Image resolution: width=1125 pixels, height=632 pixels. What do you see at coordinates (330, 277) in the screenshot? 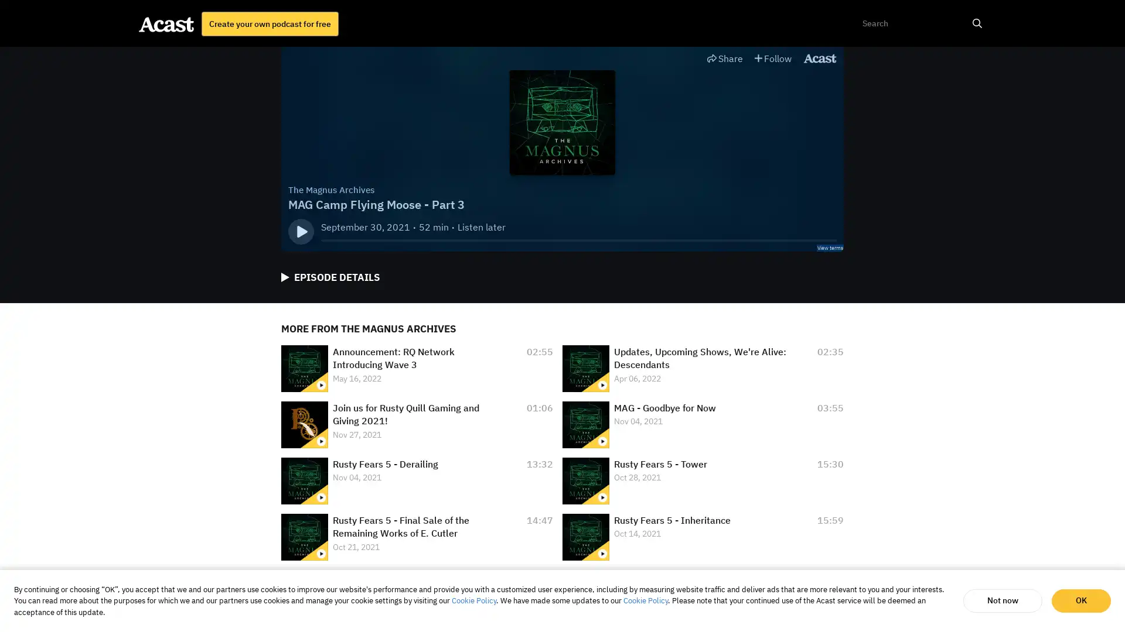
I see `EPISODE DETAILS` at bounding box center [330, 277].